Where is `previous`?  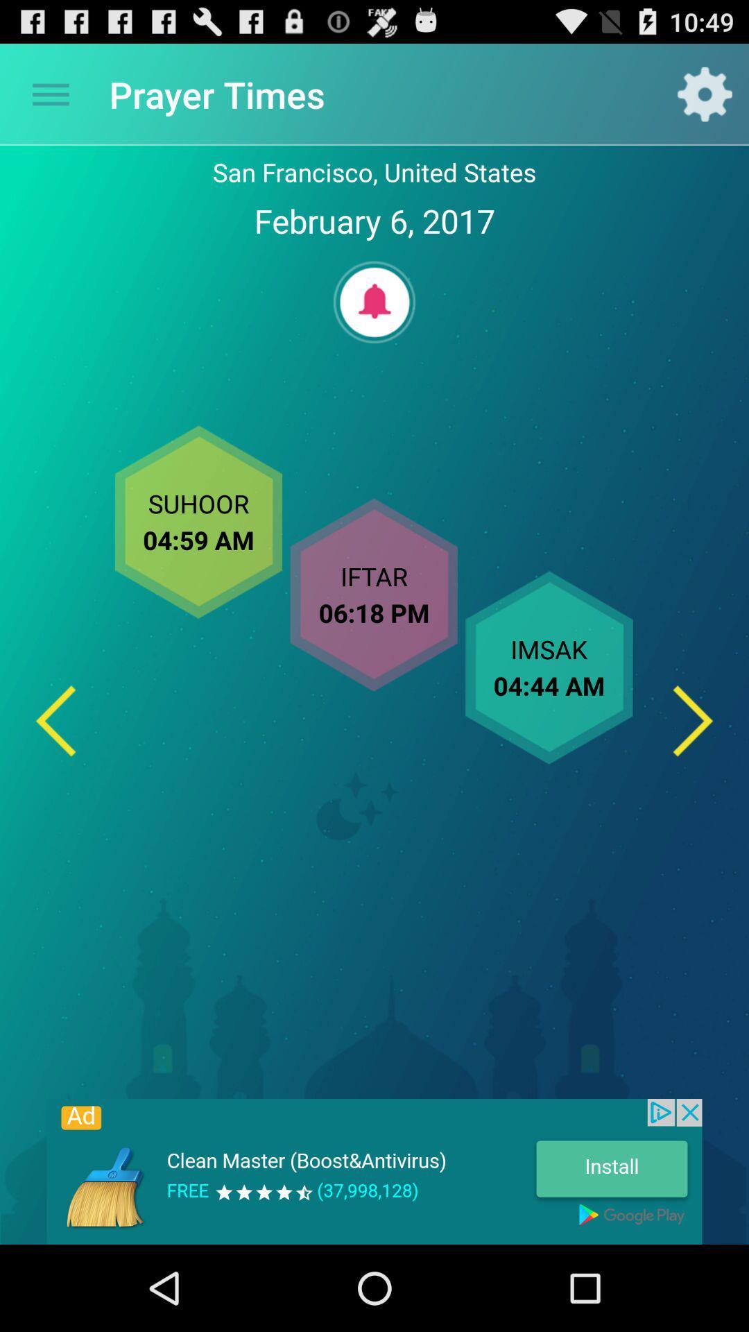
previous is located at coordinates (55, 721).